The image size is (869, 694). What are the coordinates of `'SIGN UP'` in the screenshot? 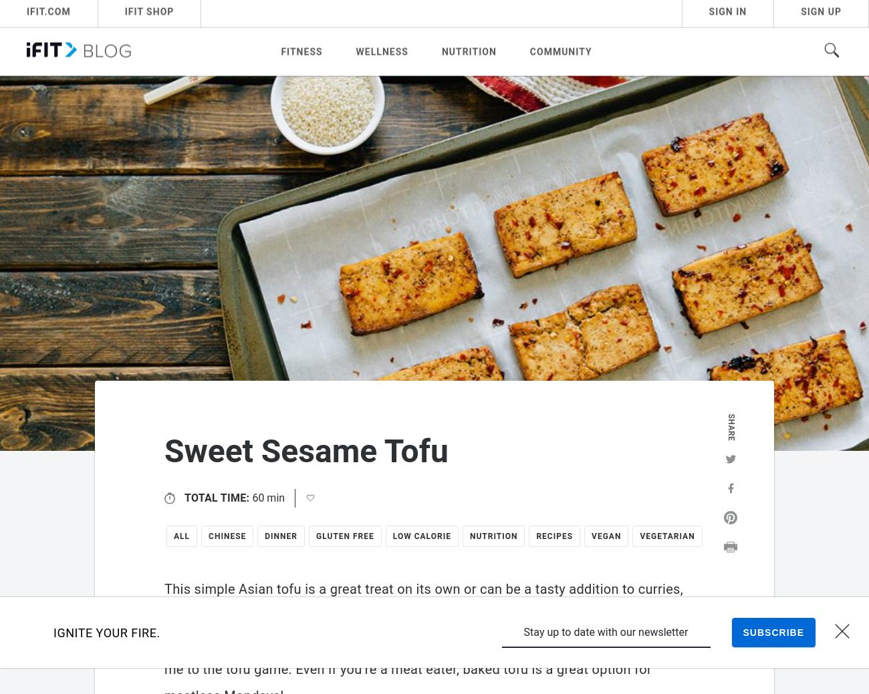 It's located at (820, 14).